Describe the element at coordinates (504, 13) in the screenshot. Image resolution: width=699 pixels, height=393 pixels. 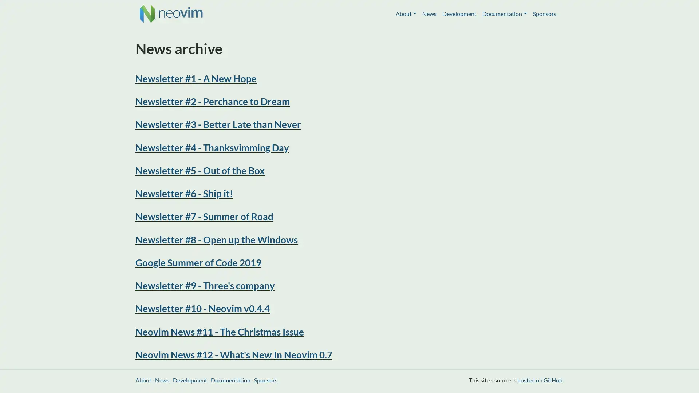
I see `Documentation` at that location.